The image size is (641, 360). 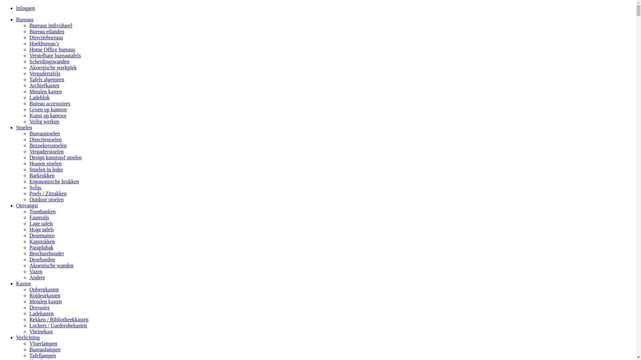 What do you see at coordinates (41, 229) in the screenshot?
I see `'Hoge tafels'` at bounding box center [41, 229].